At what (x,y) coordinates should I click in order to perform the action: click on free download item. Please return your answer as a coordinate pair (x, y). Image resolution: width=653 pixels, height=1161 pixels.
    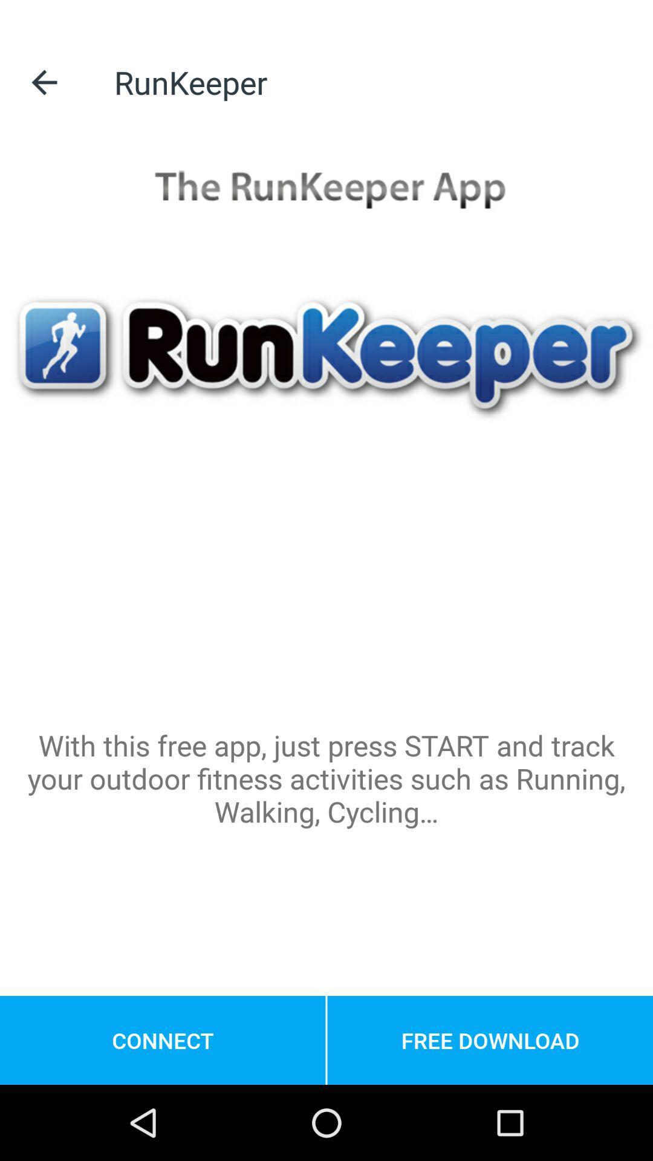
    Looking at the image, I should click on (490, 1039).